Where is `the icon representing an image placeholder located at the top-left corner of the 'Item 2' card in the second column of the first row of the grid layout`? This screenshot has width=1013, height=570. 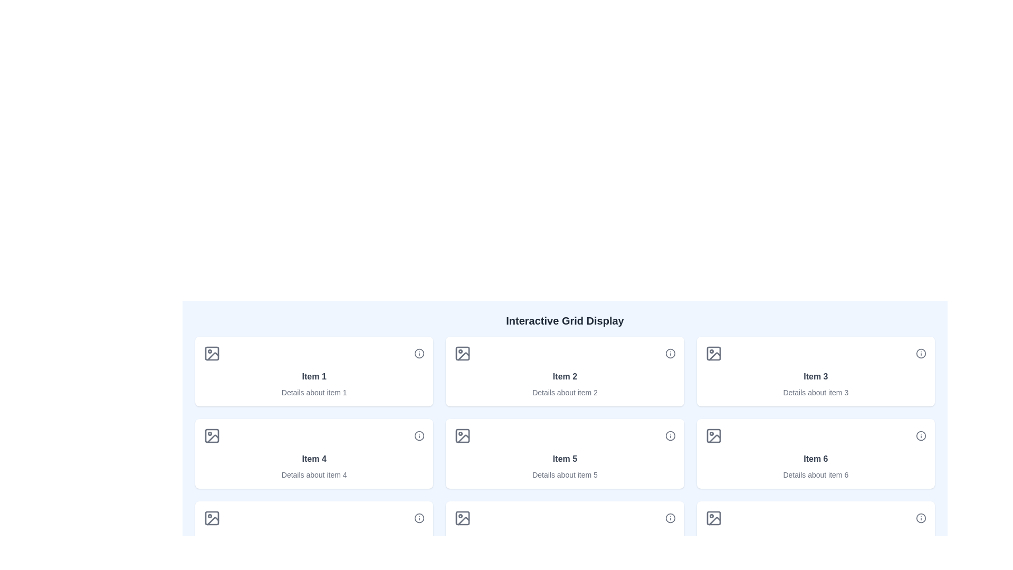 the icon representing an image placeholder located at the top-left corner of the 'Item 2' card in the second column of the first row of the grid layout is located at coordinates (463, 354).